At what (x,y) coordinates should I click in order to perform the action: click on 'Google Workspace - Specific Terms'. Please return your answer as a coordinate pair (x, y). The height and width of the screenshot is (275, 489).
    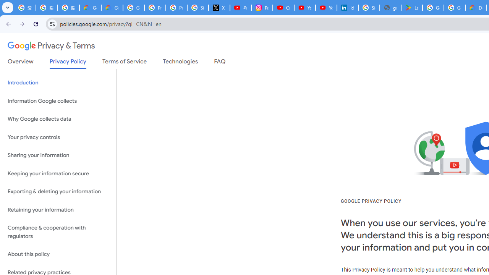
    Looking at the image, I should click on (455, 8).